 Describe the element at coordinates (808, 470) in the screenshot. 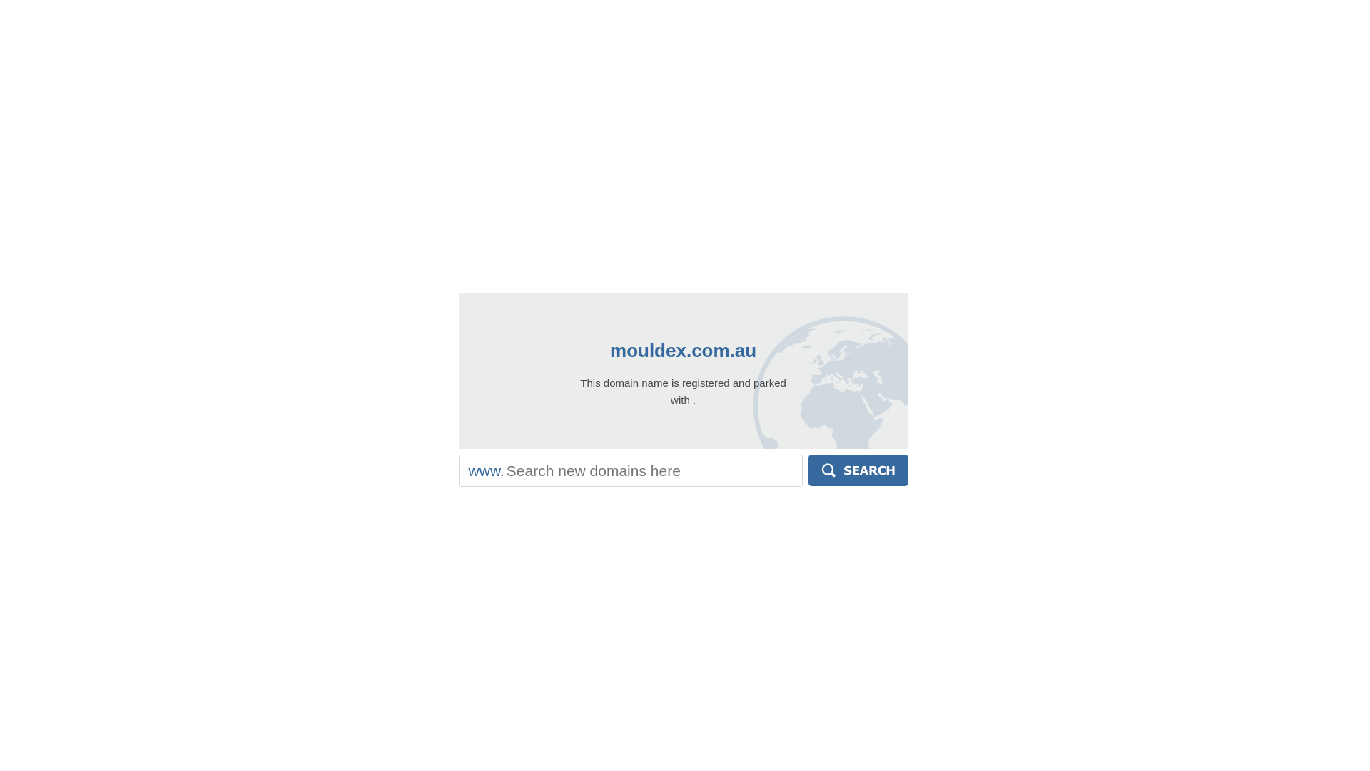

I see `'Search'` at that location.